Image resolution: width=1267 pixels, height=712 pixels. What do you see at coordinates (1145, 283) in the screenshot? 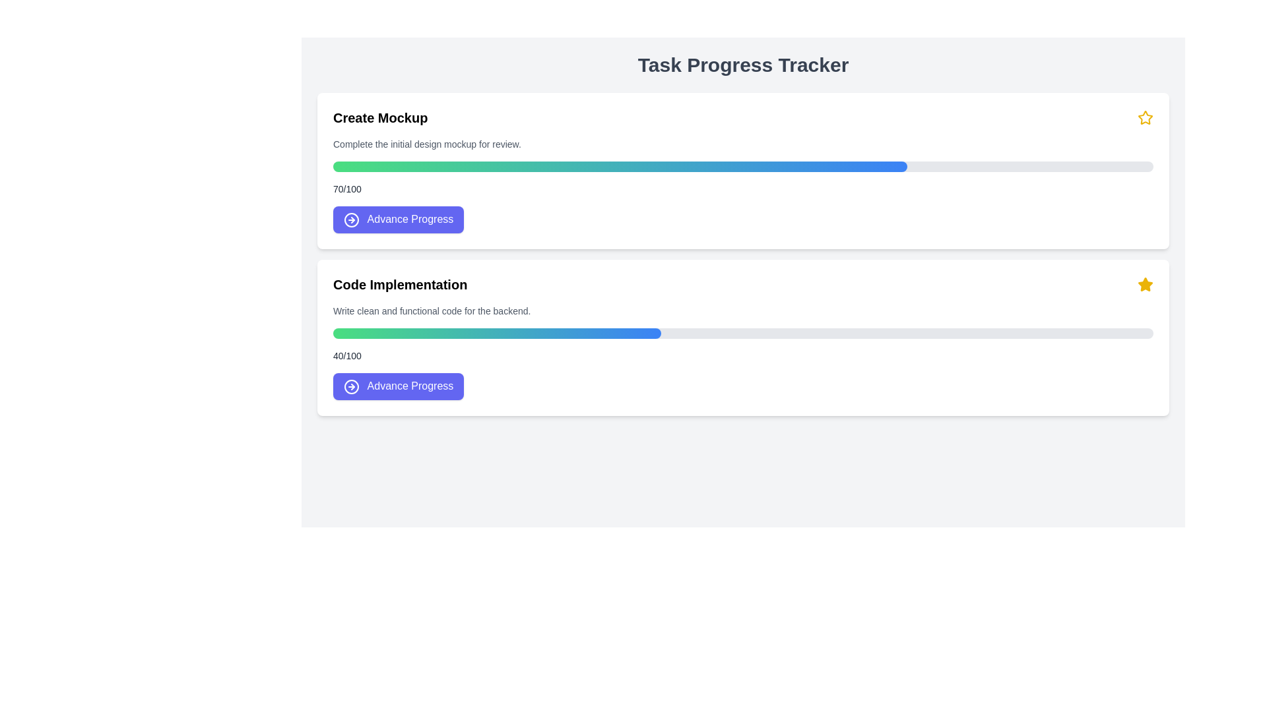
I see `the star-shaped yellow icon button located directly to the right of the title text 'Code Implementation' in the bottom task card` at bounding box center [1145, 283].